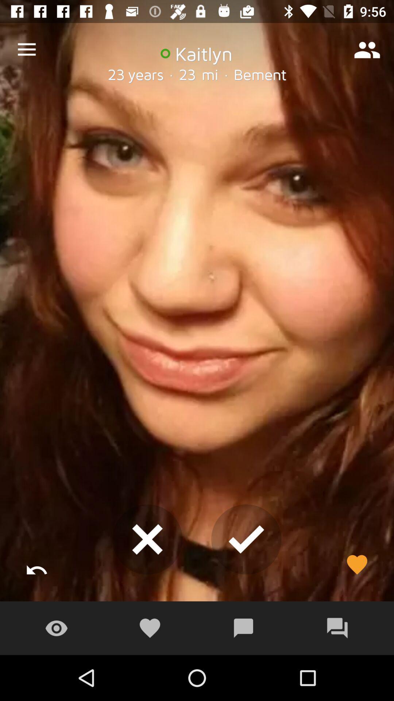 This screenshot has height=701, width=394. Describe the element at coordinates (37, 564) in the screenshot. I see `the undo icon` at that location.